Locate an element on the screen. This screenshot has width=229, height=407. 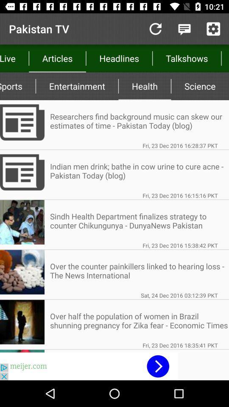
the label icon is located at coordinates (8, 9).